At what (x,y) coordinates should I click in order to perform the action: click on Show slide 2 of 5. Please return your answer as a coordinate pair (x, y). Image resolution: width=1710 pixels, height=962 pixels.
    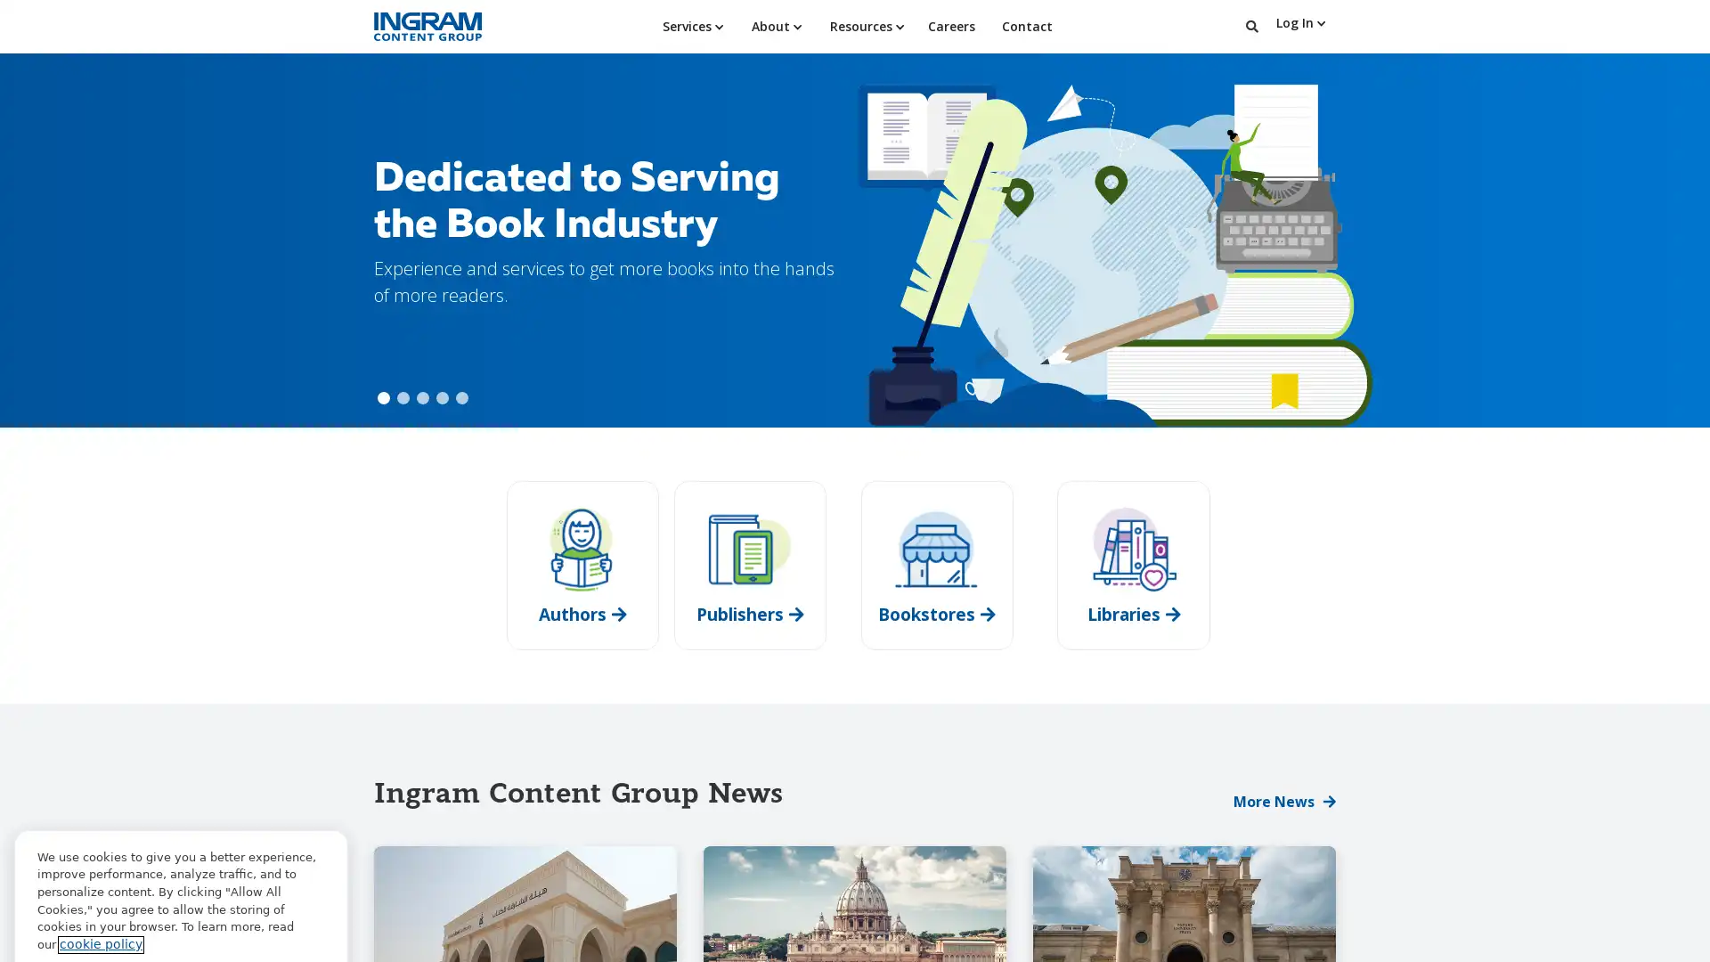
    Looking at the image, I should click on (402, 396).